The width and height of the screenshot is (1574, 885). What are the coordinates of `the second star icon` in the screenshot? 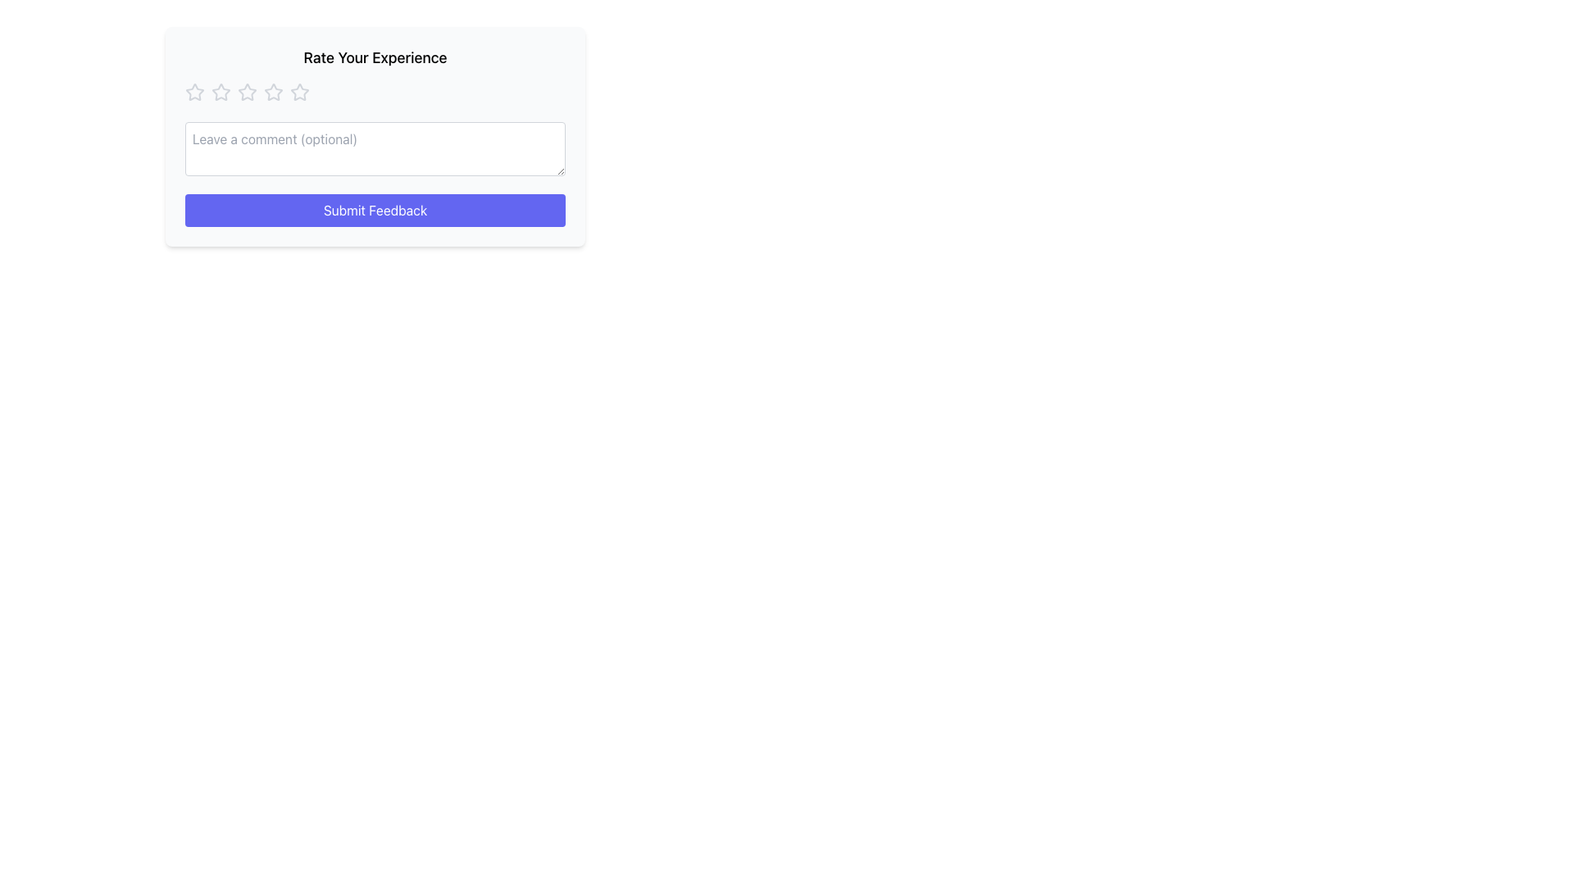 It's located at (274, 92).